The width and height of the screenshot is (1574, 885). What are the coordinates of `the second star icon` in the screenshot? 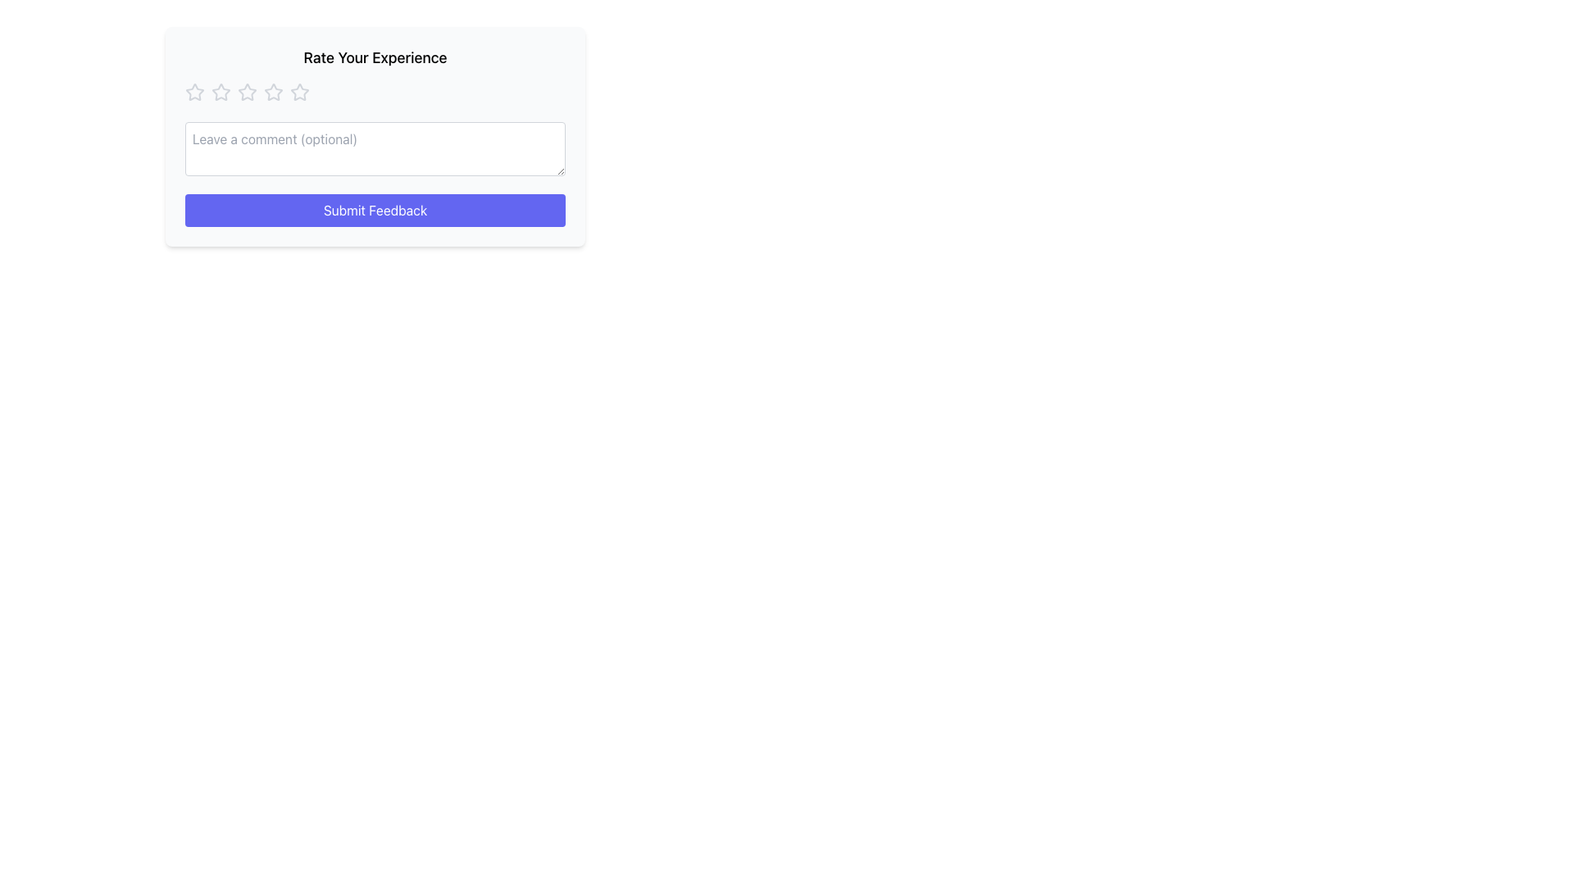 It's located at (274, 92).